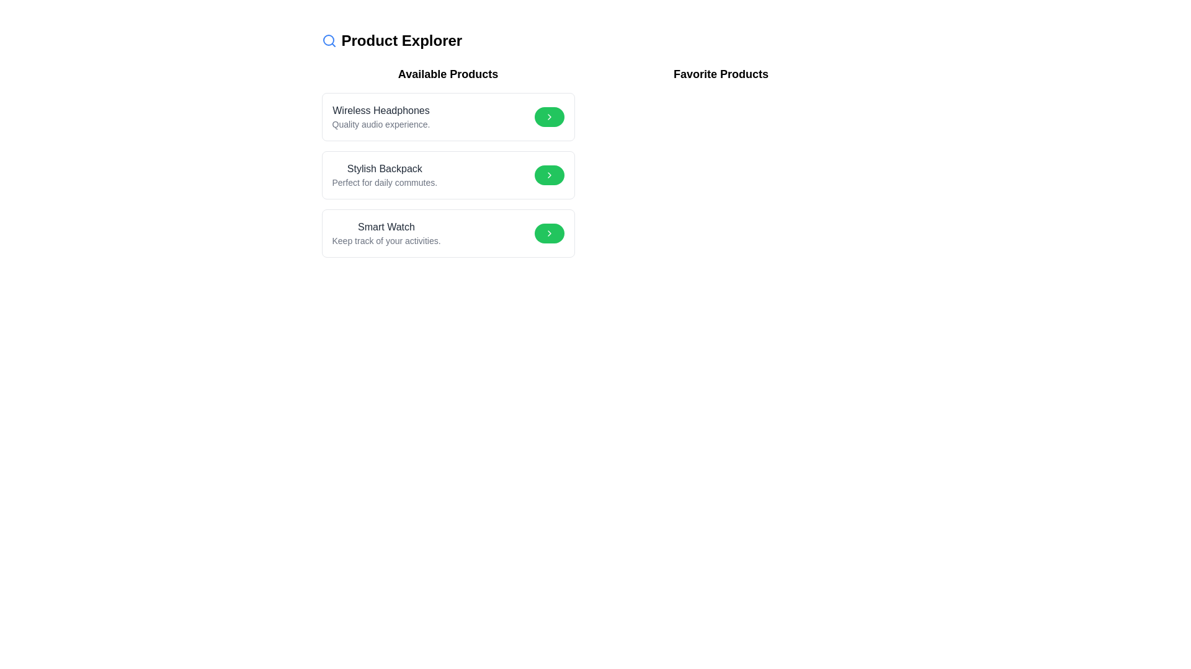 This screenshot has height=669, width=1191. What do you see at coordinates (386, 241) in the screenshot?
I see `the informational text element that describes the functionality of the 'Smart Watch', located beneath the 'Smart Watch' entry in the 'Available Products' section` at bounding box center [386, 241].